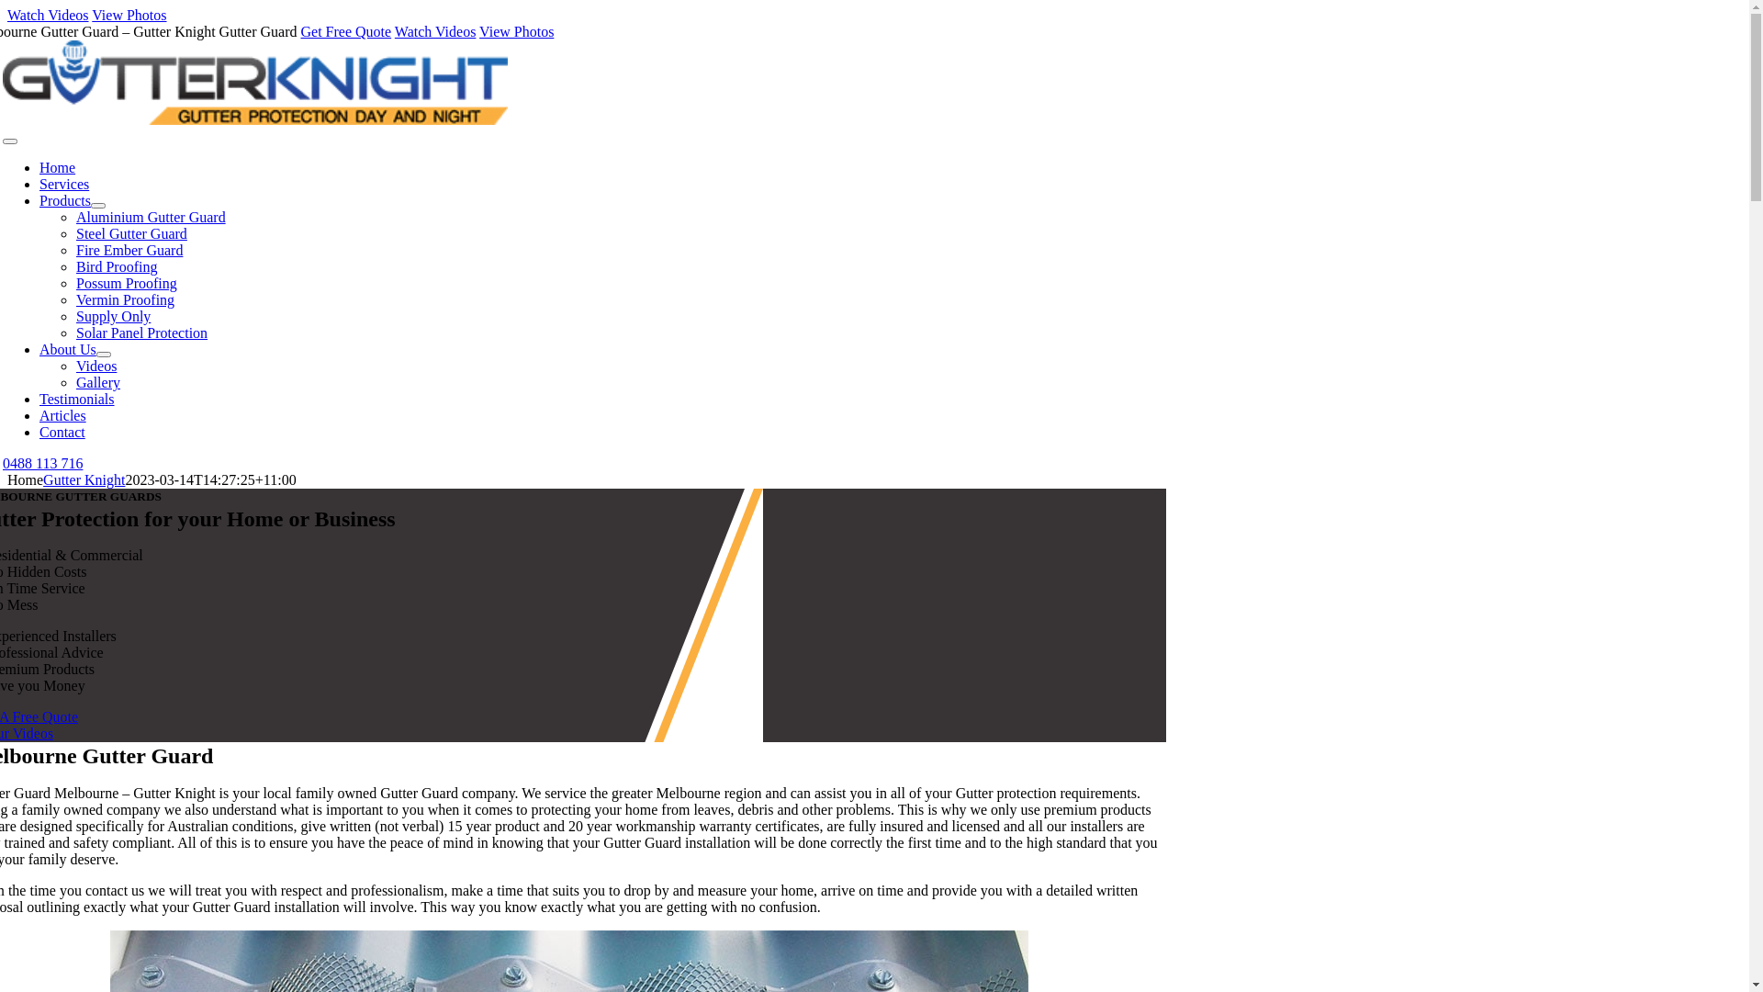  What do you see at coordinates (126, 283) in the screenshot?
I see `'Possum Proofing'` at bounding box center [126, 283].